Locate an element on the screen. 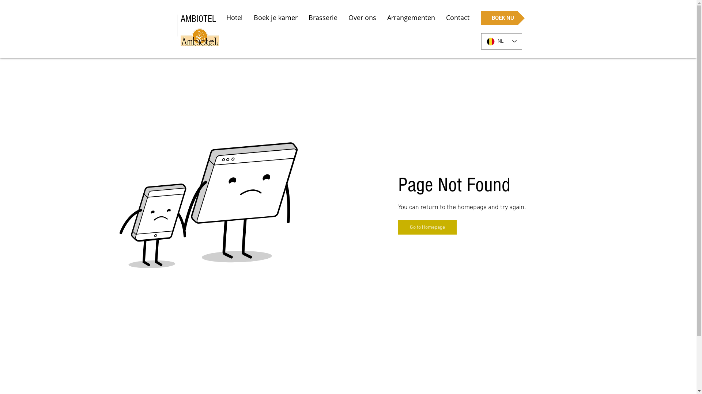  'Arrangementen' is located at coordinates (411, 17).